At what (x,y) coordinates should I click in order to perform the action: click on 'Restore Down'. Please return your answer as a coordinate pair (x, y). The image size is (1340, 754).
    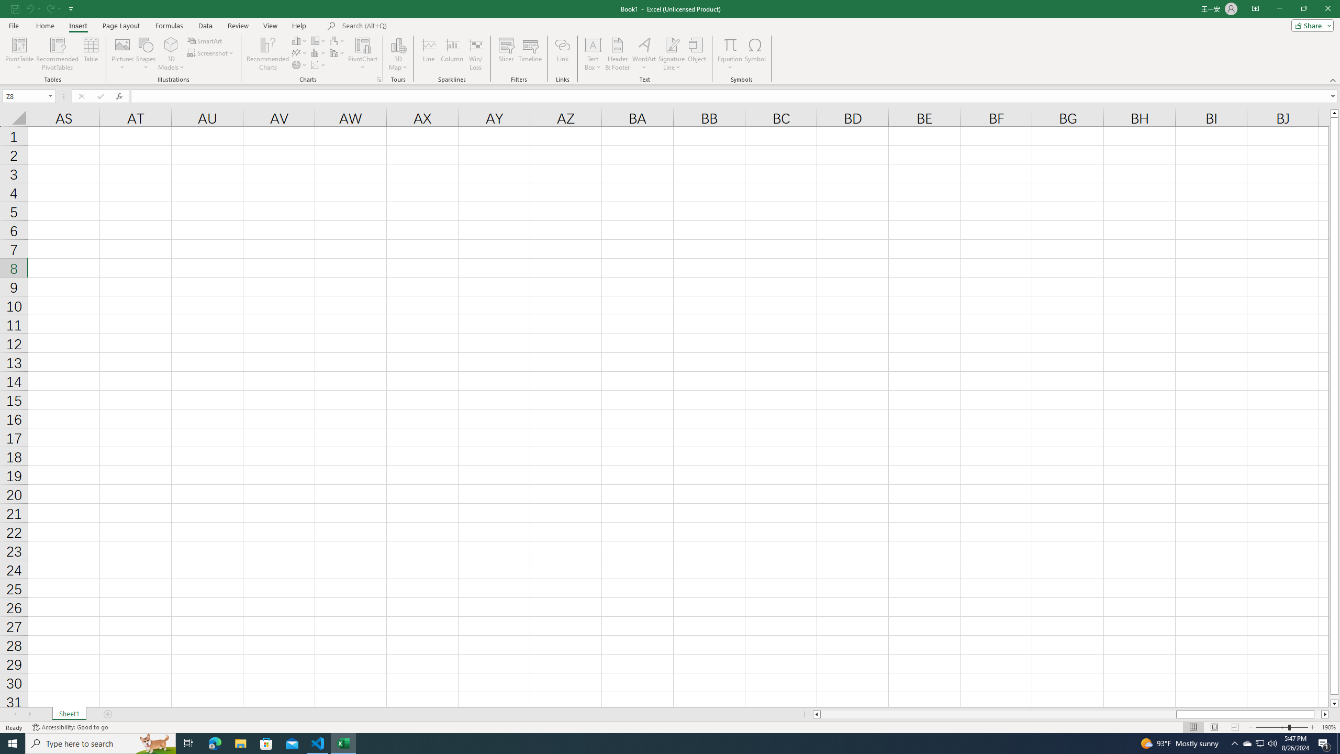
    Looking at the image, I should click on (1303, 8).